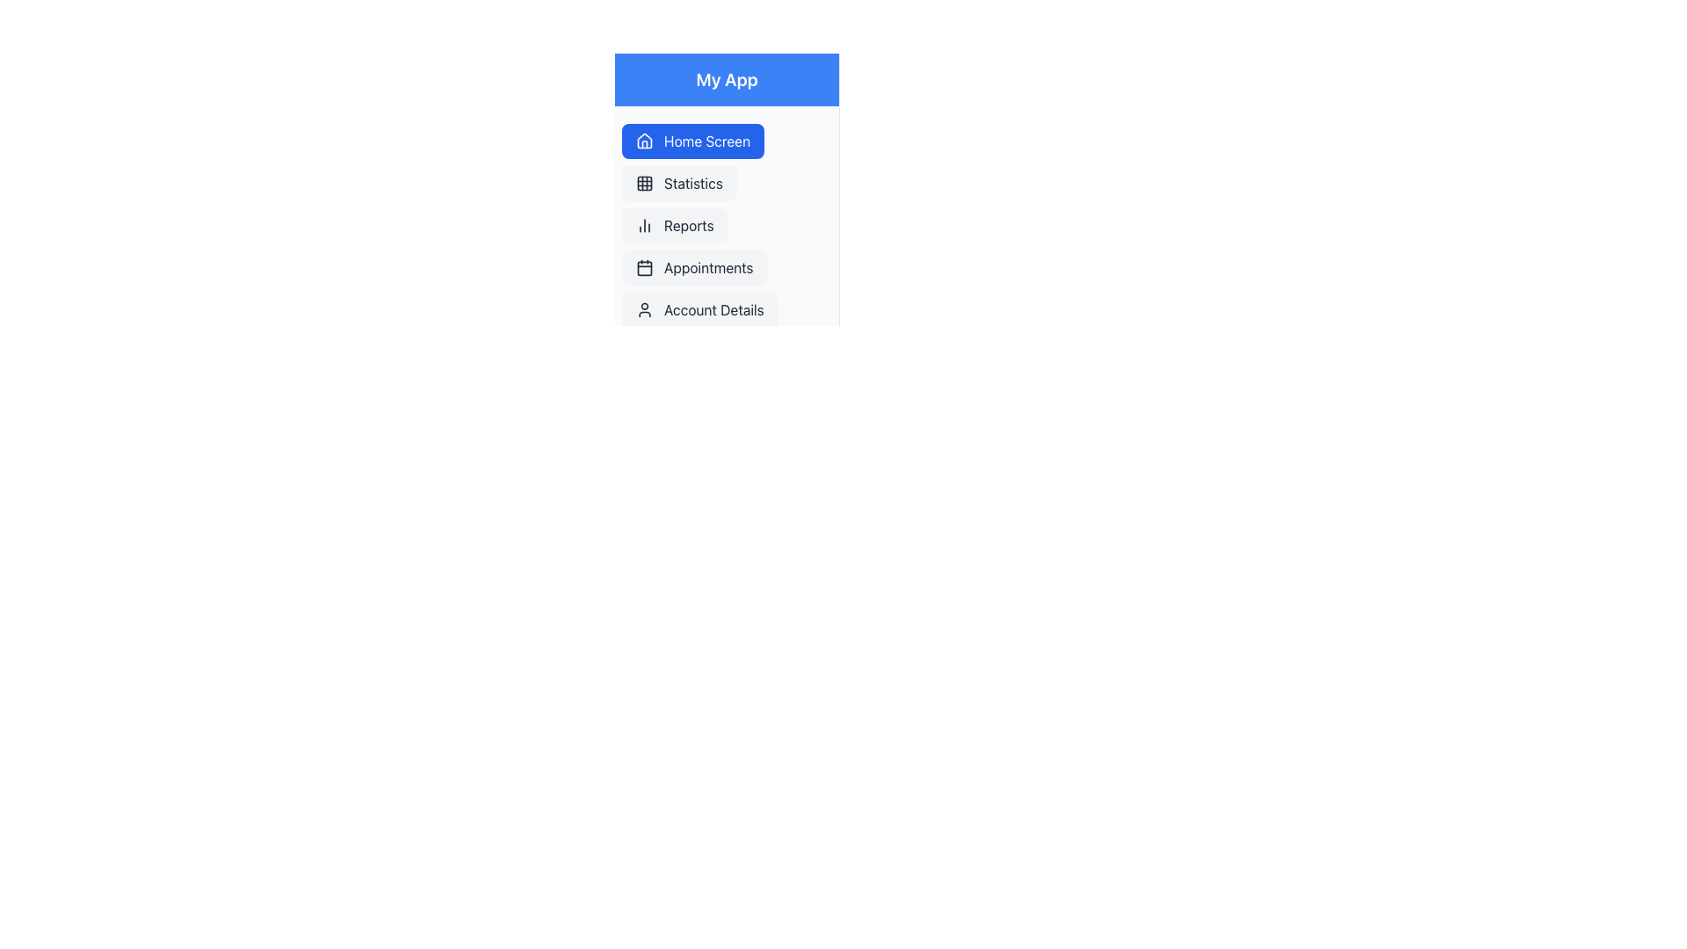 This screenshot has width=1687, height=949. I want to click on the 'Account Details' icon located in the sidebar menu, which is the fourth icon listed after 'Appointments', so click(644, 309).